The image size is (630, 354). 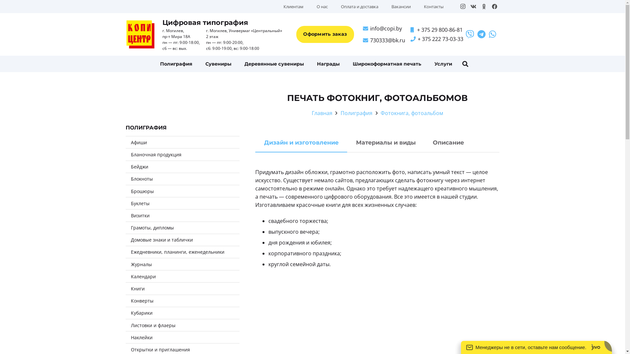 I want to click on 'info@copi.by', so click(x=382, y=28).